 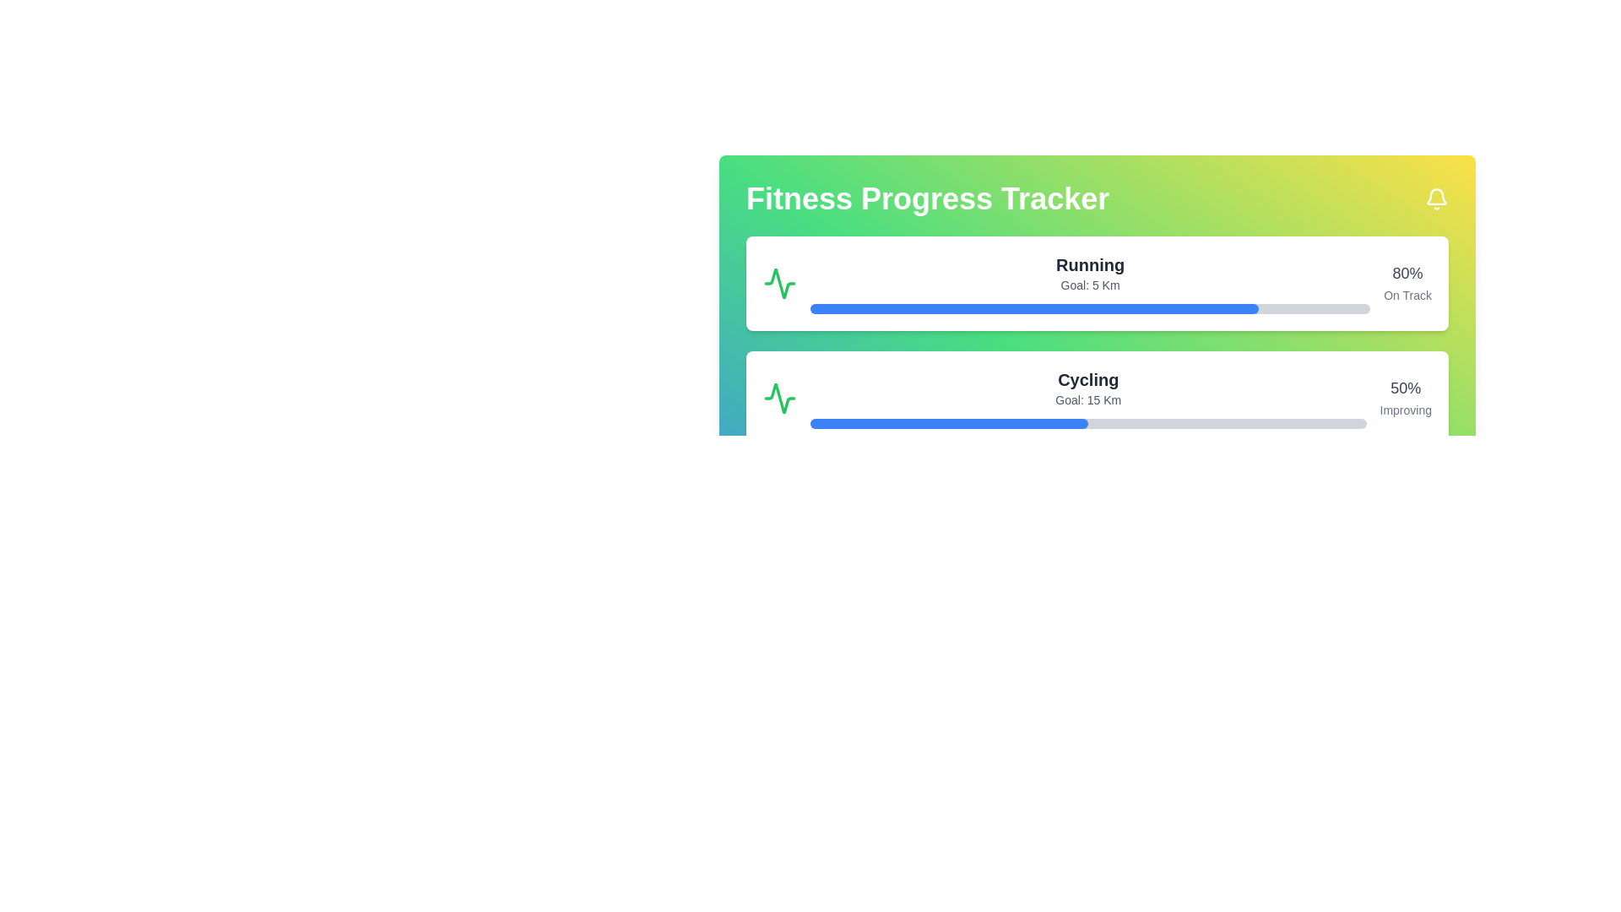 What do you see at coordinates (1098, 282) in the screenshot?
I see `the first card in the vertical stack of fitness progress items, which displays the user's running goal and completion percentage, located below the header 'Fitness Progress Tracker.'` at bounding box center [1098, 282].